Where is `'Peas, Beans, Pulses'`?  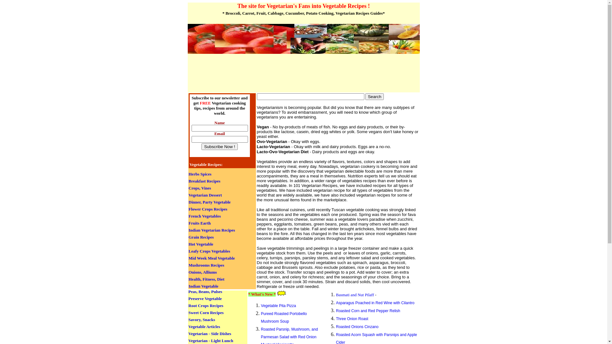 'Peas, Beans, Pulses' is located at coordinates (205, 291).